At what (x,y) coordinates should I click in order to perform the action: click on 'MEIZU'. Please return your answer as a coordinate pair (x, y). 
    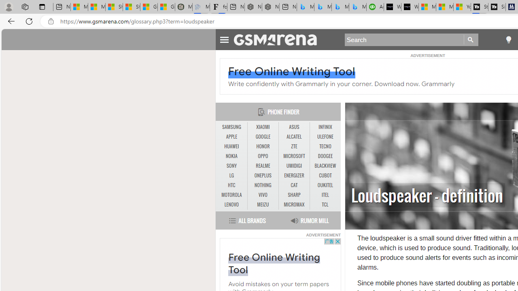
    Looking at the image, I should click on (263, 204).